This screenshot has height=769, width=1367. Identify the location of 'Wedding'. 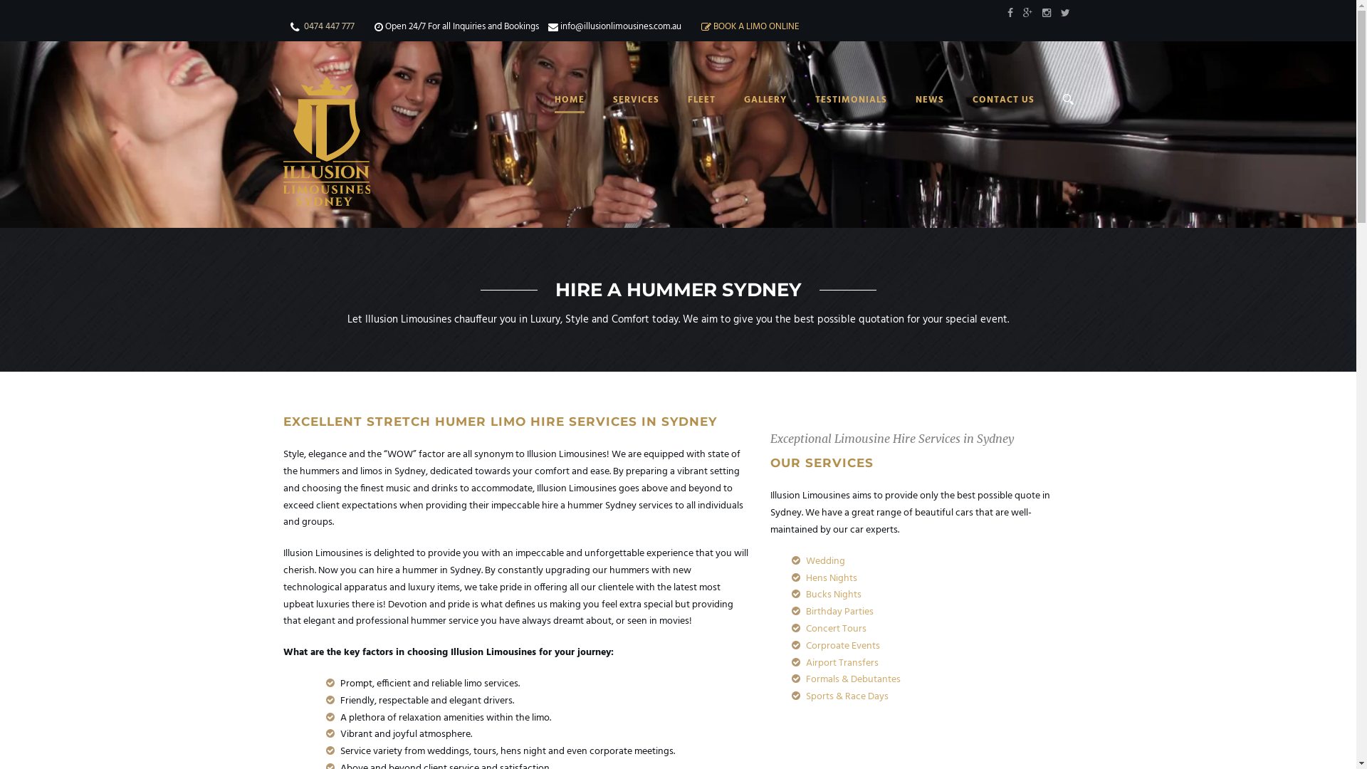
(825, 560).